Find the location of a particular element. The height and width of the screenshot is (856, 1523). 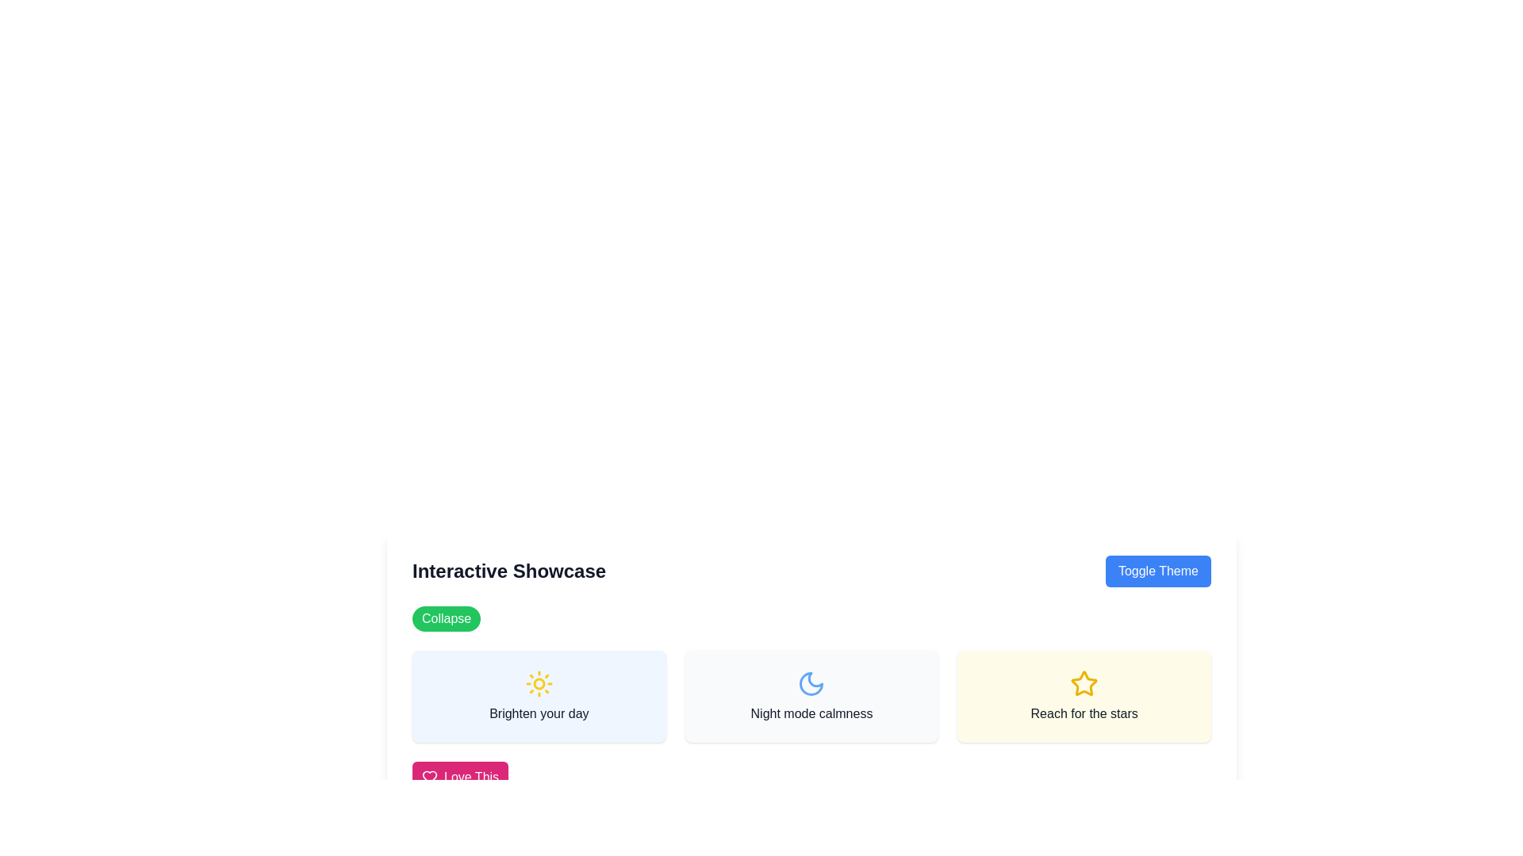

the moon icon representing night mode calmness, located in the second tile of a horizontal row of three tiles is located at coordinates (811, 683).